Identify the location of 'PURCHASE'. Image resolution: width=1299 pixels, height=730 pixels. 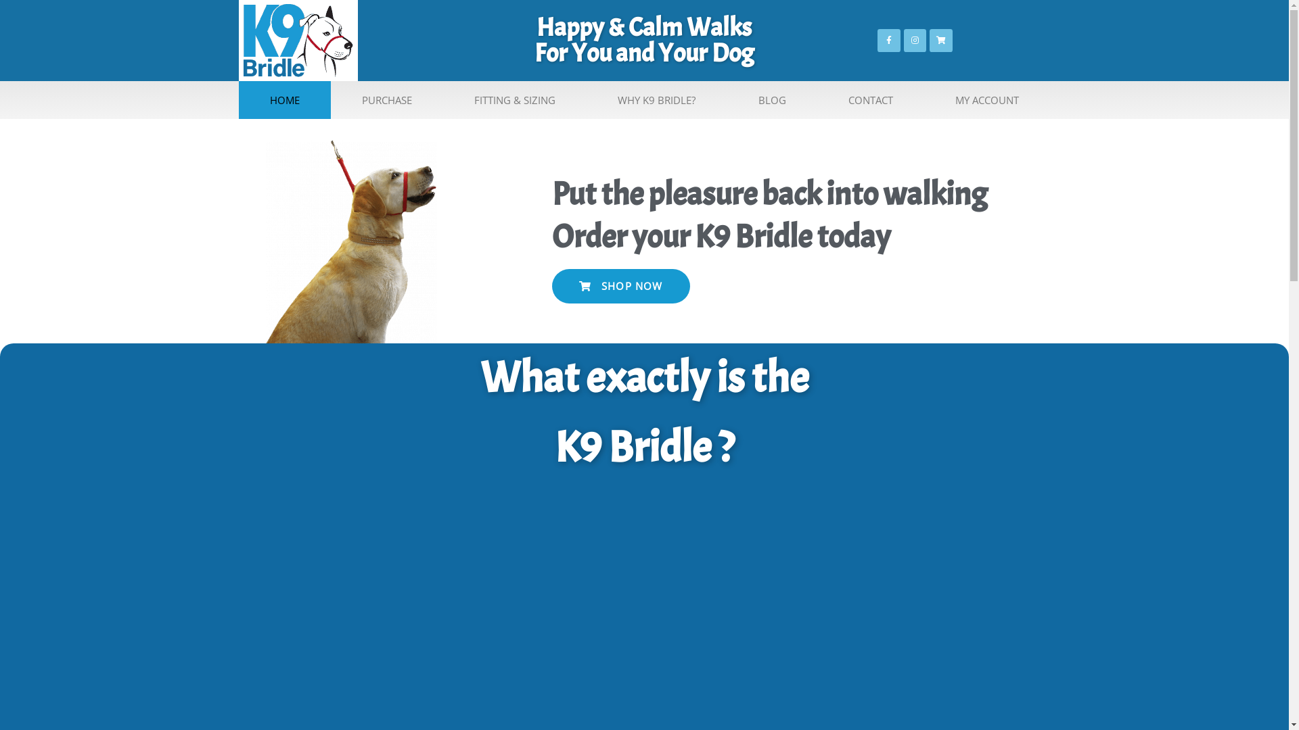
(386, 99).